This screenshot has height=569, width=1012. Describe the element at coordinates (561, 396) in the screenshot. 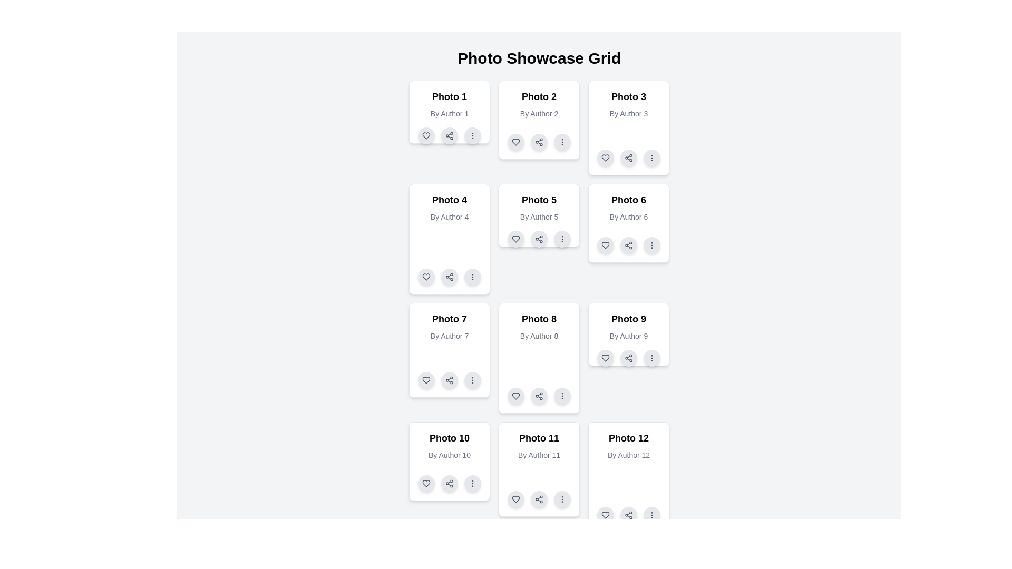

I see `the button located in the bottom-right of the 'Photo 8' card by 'Author 8'` at that location.